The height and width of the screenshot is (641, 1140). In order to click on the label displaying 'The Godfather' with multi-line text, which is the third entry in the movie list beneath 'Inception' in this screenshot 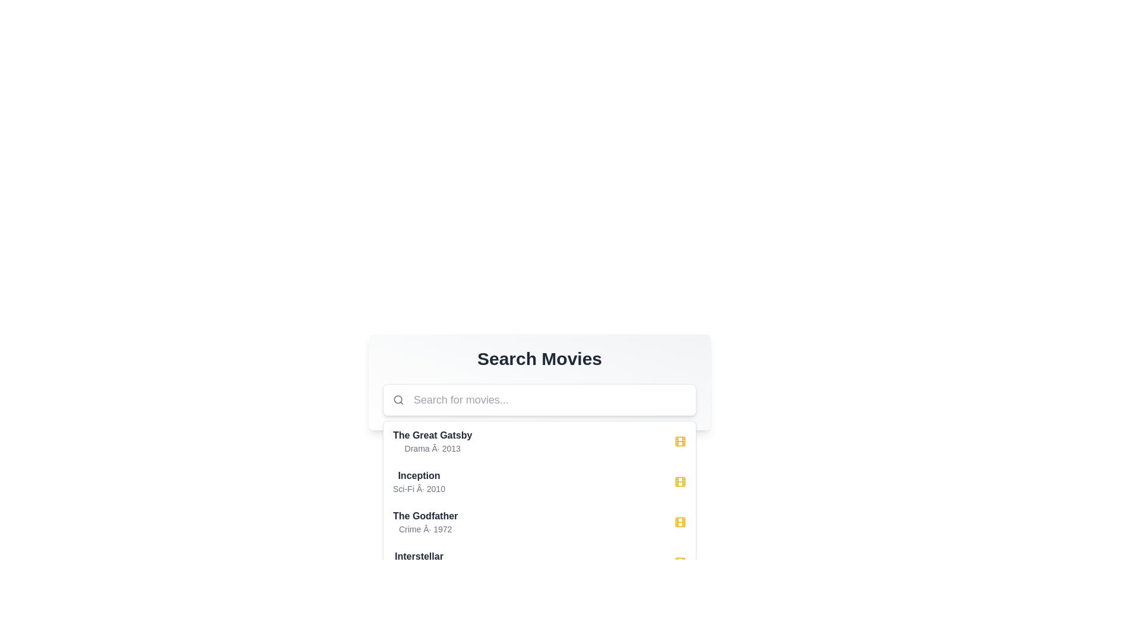, I will do `click(425, 521)`.